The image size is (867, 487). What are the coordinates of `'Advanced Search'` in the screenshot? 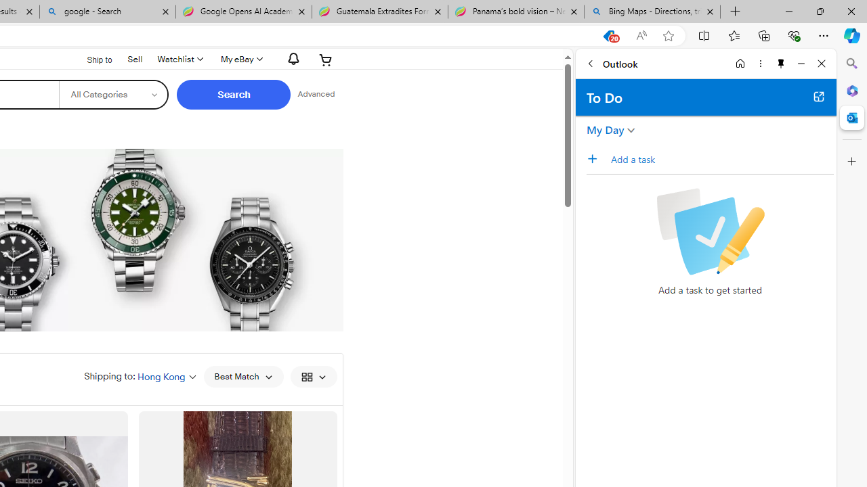 It's located at (316, 94).